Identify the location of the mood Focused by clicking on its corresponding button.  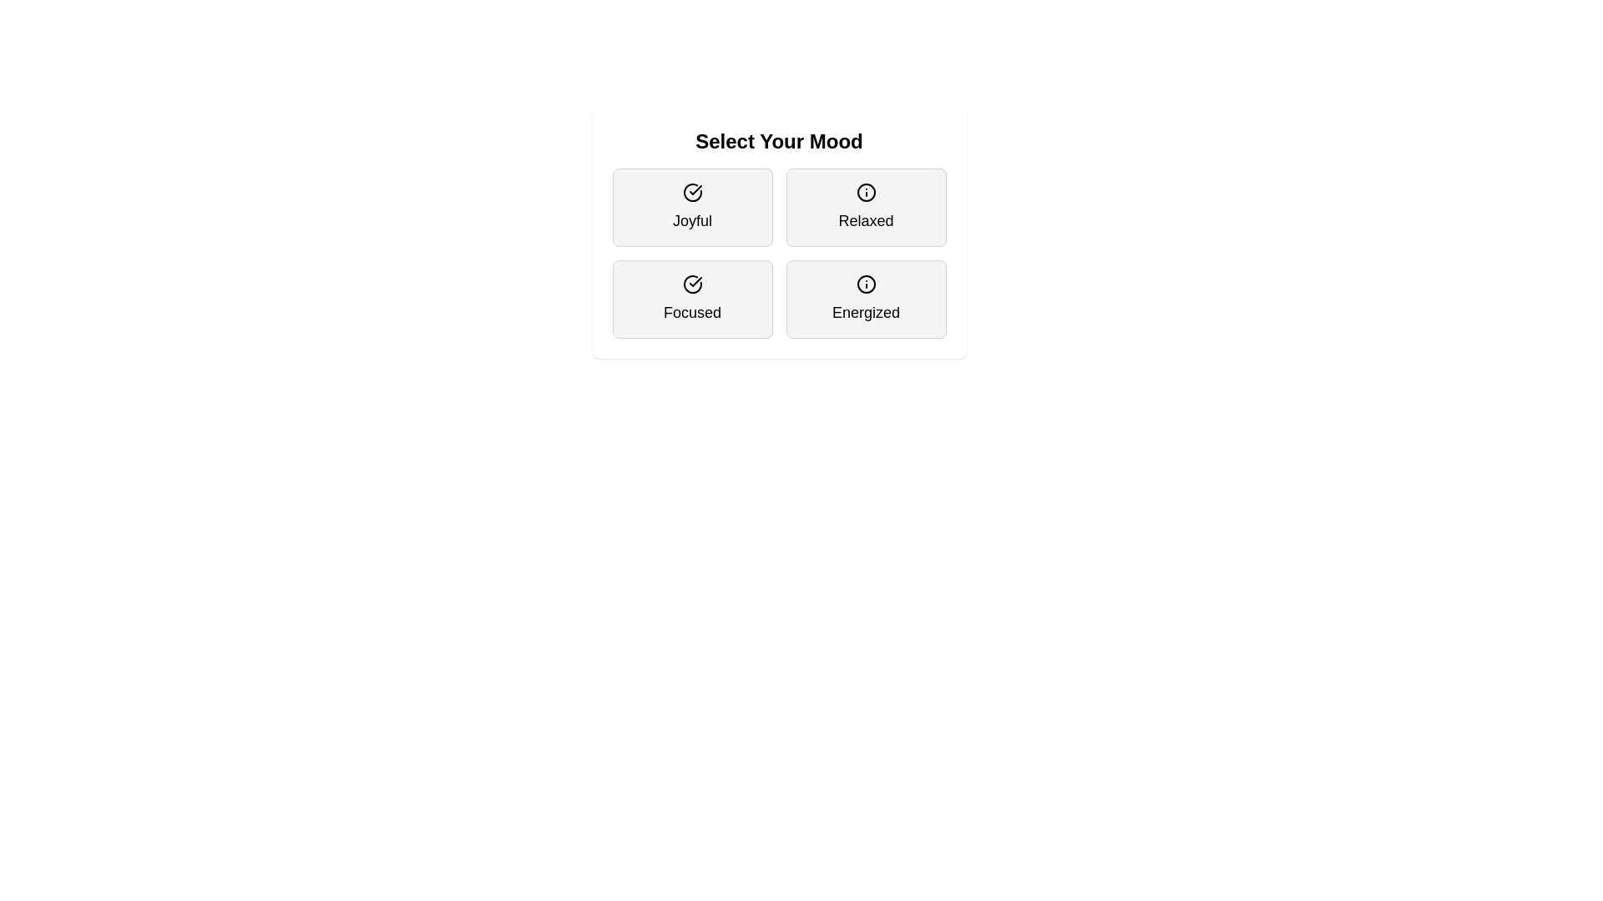
(692, 298).